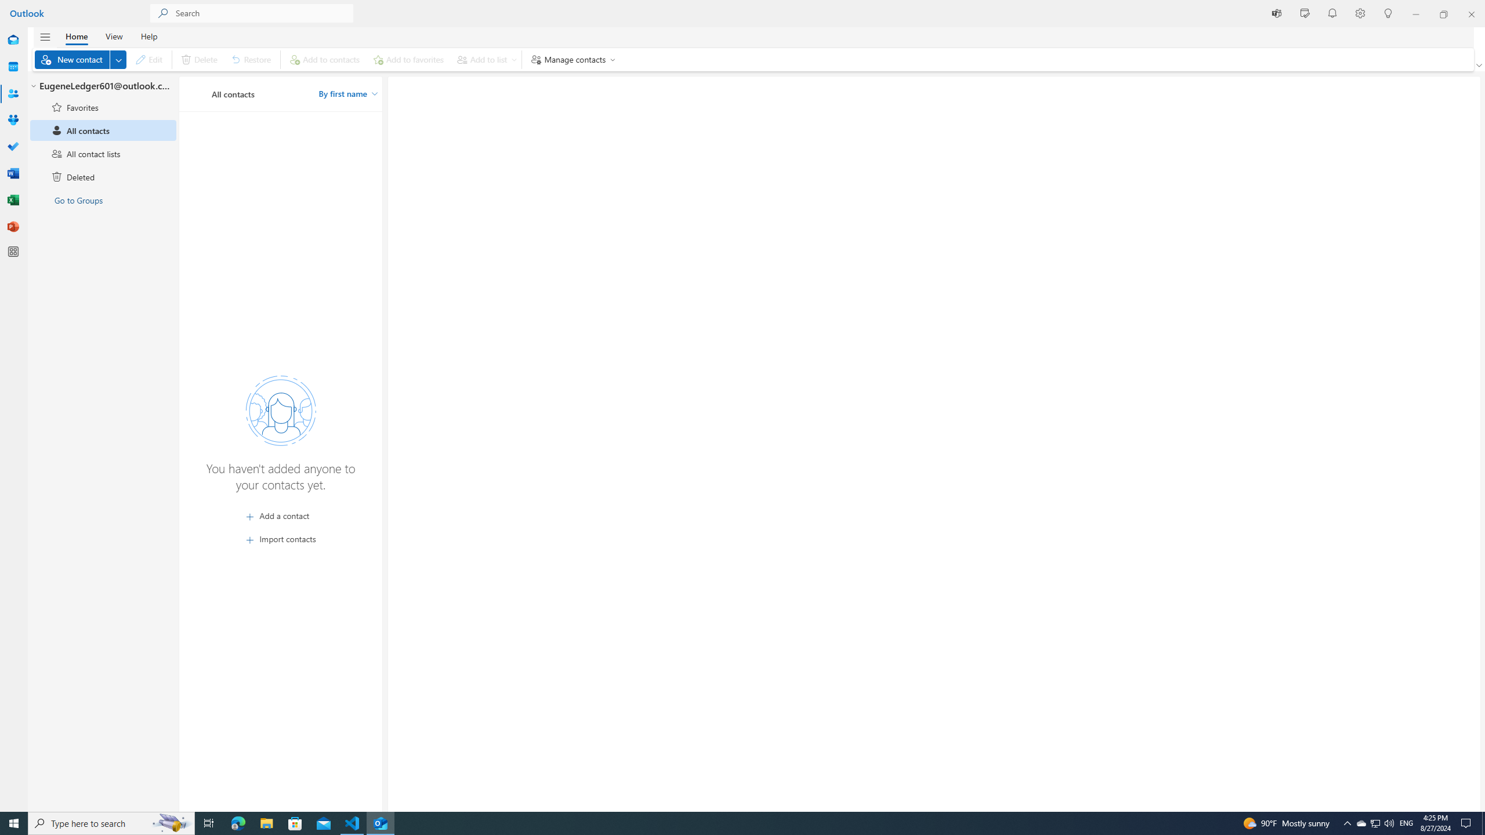 This screenshot has height=835, width=1485. What do you see at coordinates (80, 59) in the screenshot?
I see `'New contact'` at bounding box center [80, 59].